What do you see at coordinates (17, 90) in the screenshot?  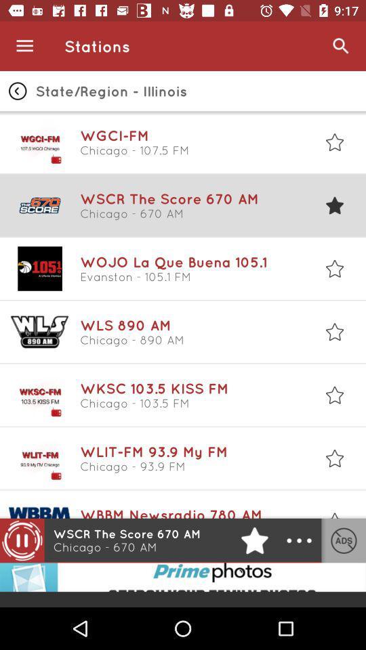 I see `the arrow_backward icon` at bounding box center [17, 90].